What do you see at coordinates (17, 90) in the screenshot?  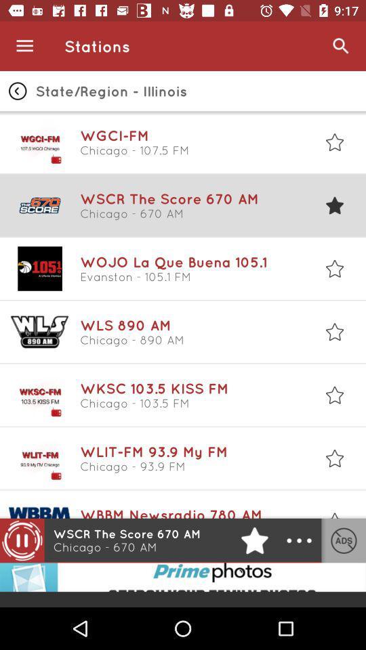 I see `the arrow_backward icon` at bounding box center [17, 90].